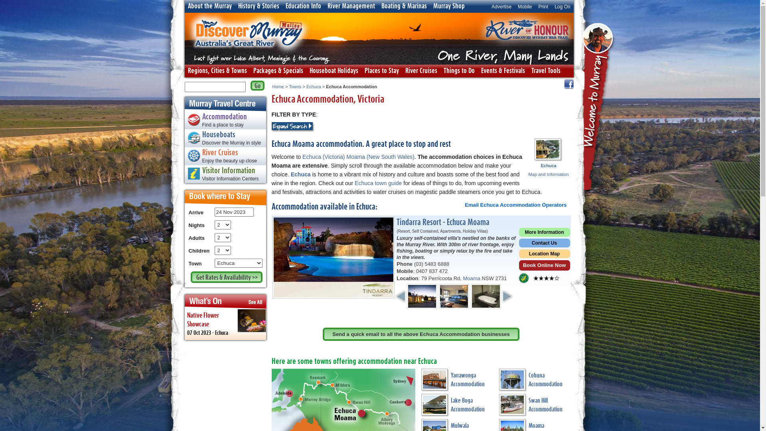 The height and width of the screenshot is (431, 766). What do you see at coordinates (257, 85) in the screenshot?
I see `'Go'` at bounding box center [257, 85].